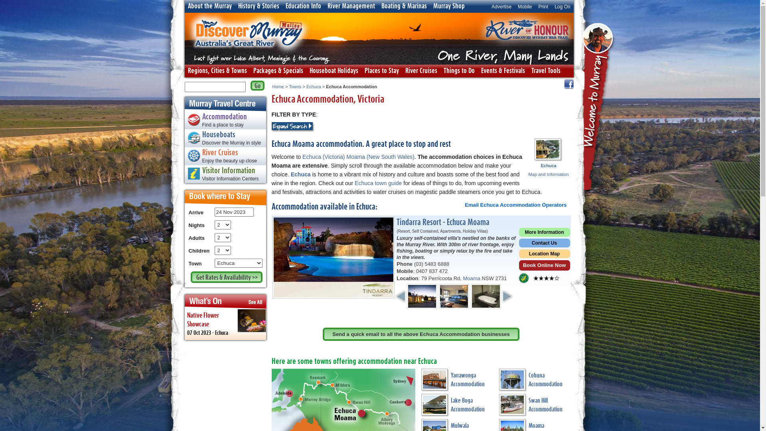 The height and width of the screenshot is (431, 766). What do you see at coordinates (257, 85) in the screenshot?
I see `'Go'` at bounding box center [257, 85].